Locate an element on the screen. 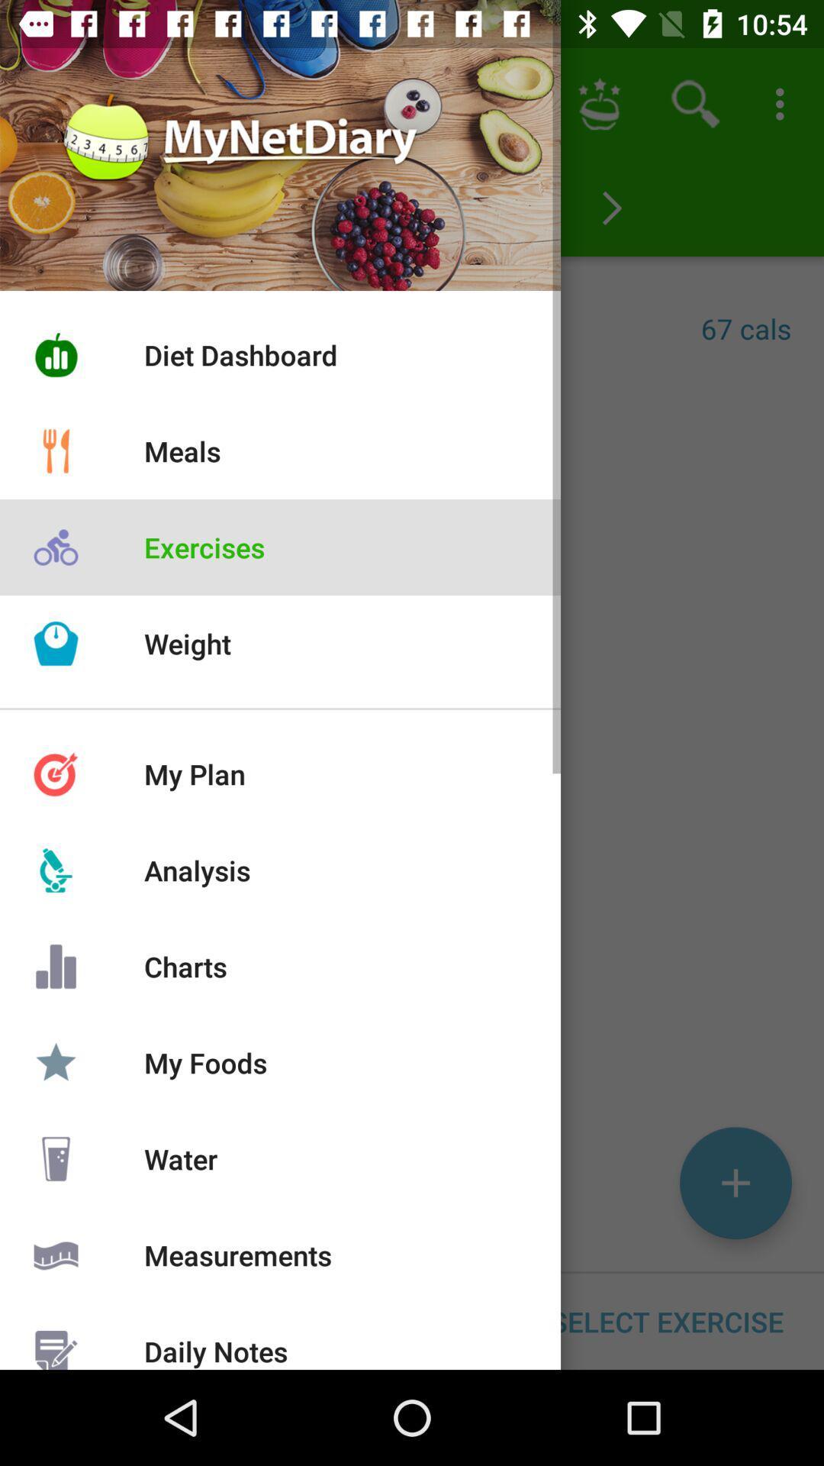 The image size is (824, 1466). the add icon is located at coordinates (735, 1182).